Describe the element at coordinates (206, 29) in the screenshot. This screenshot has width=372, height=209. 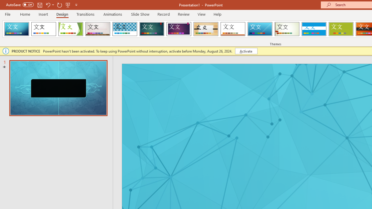
I see `'Organic'` at that location.